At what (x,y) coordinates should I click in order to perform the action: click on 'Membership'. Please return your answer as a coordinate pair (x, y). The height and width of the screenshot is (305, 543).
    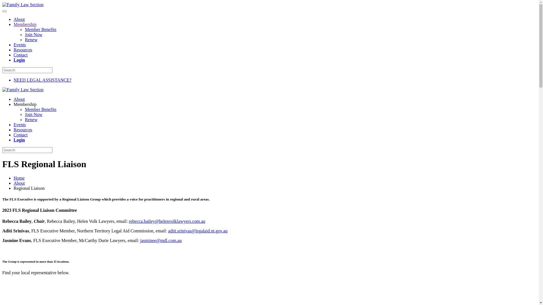
    Looking at the image, I should click on (25, 24).